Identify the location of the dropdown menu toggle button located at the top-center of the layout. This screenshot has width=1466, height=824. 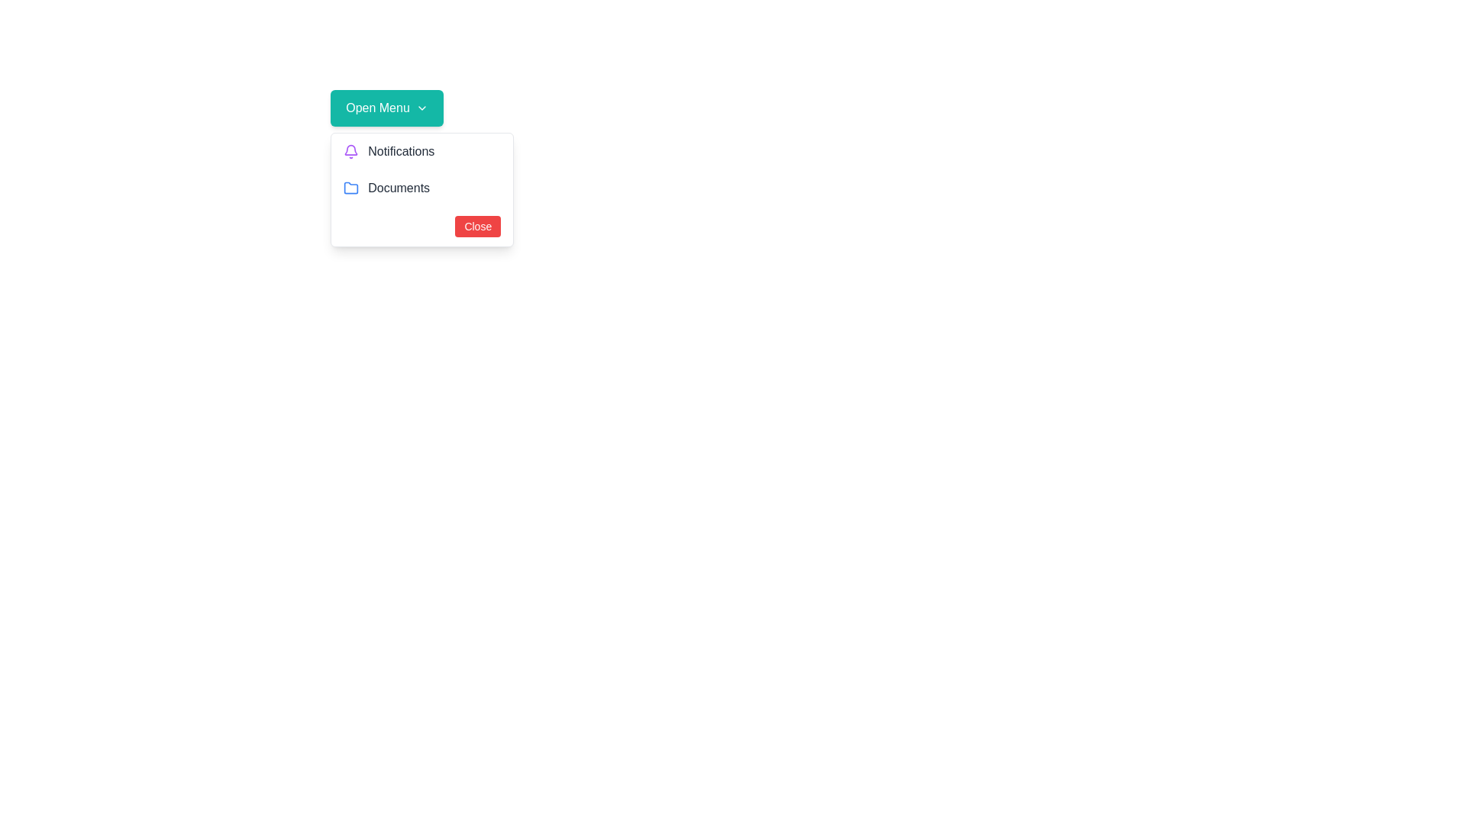
(387, 108).